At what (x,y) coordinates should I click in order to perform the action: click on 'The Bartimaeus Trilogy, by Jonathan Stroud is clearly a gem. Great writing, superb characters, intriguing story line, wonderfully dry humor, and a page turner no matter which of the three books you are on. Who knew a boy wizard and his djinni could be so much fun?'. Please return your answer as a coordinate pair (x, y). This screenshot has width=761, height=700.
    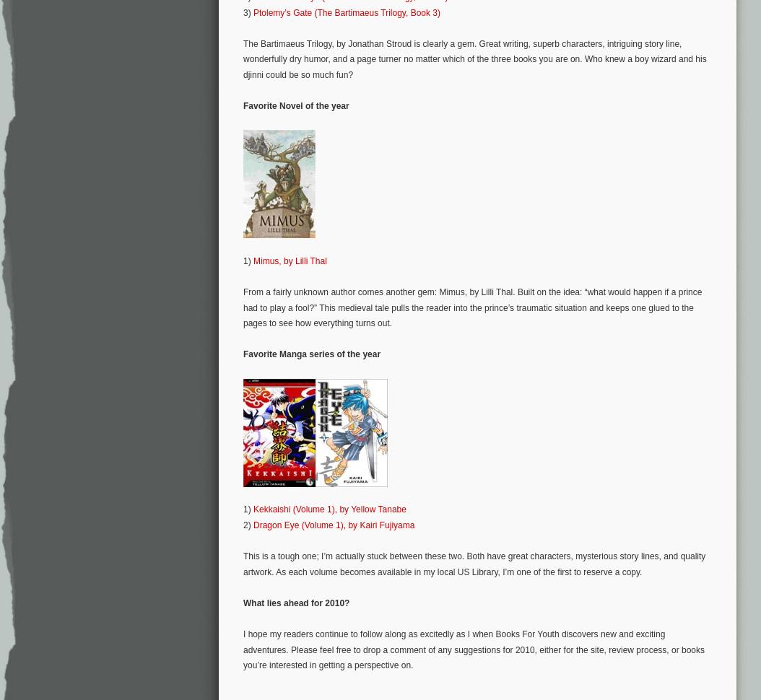
    Looking at the image, I should click on (474, 58).